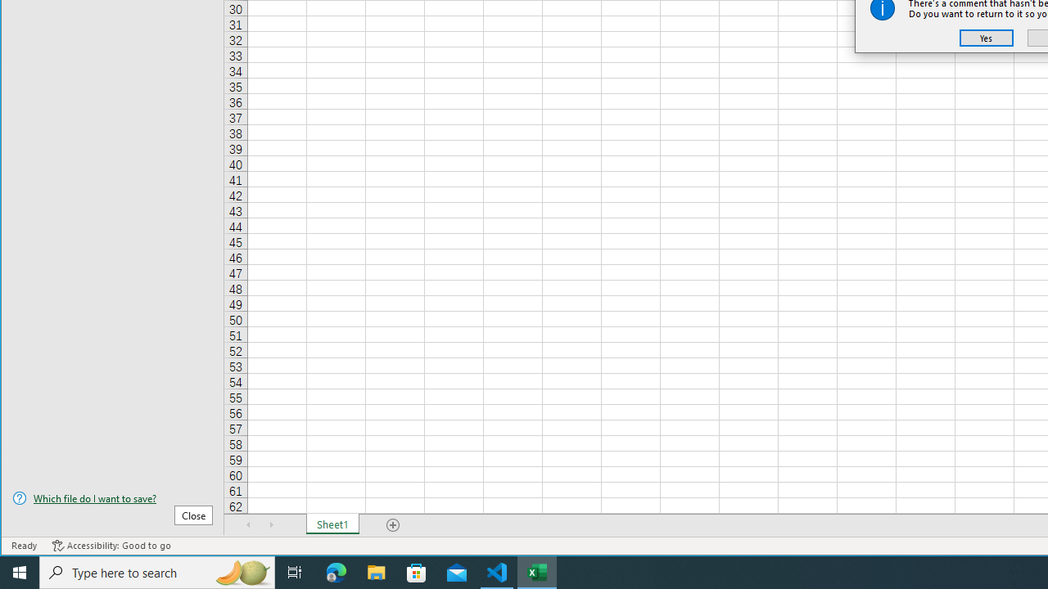 This screenshot has height=589, width=1048. Describe the element at coordinates (157, 571) in the screenshot. I see `'Type here to search'` at that location.